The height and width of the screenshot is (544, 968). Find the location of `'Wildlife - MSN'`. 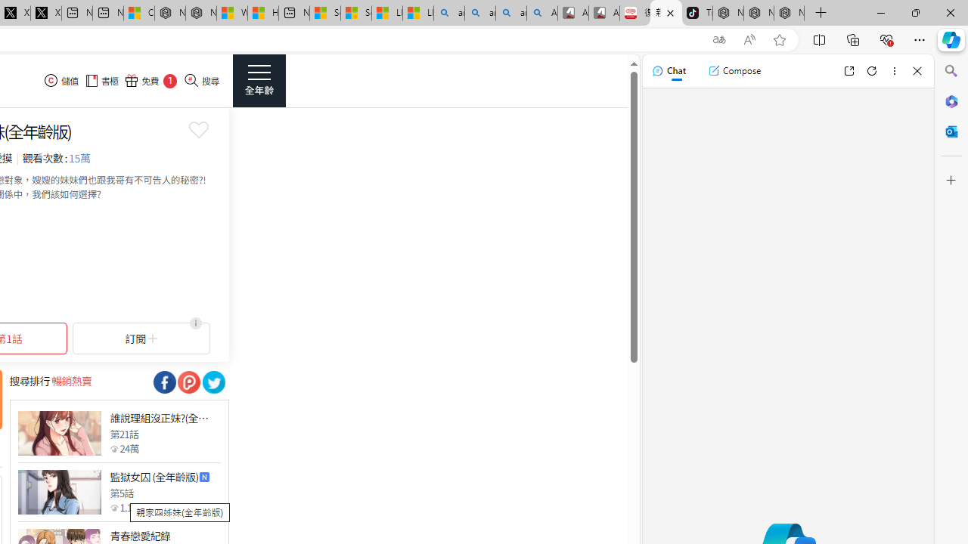

'Wildlife - MSN' is located at coordinates (231, 13).